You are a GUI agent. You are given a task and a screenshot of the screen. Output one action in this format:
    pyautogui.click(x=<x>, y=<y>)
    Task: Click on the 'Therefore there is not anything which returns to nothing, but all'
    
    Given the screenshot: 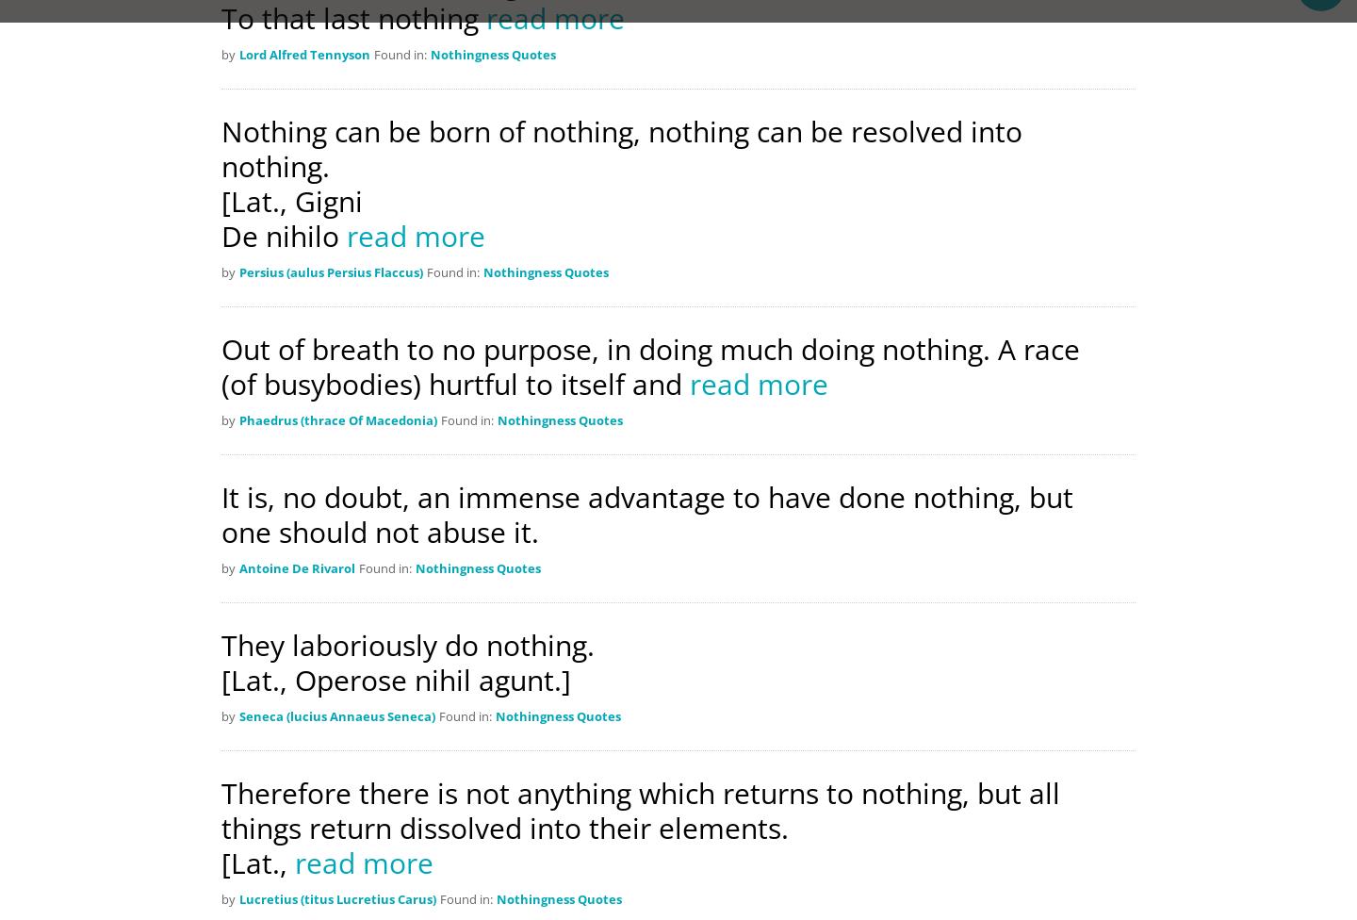 What is the action you would take?
    pyautogui.click(x=640, y=793)
    